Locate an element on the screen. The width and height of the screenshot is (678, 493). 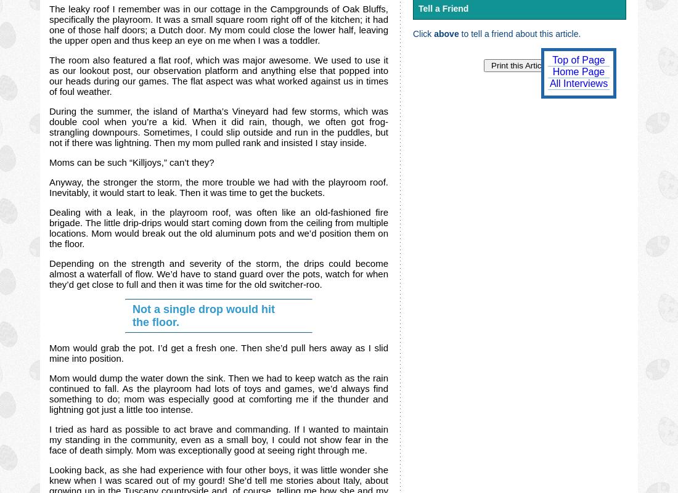
'Mom would dump the water down the sink. Then we had to keep watch as the rain continued to fall. As the playroom had lots of toys and games, we’d always find something to do; mom was especially good at comforting me if the thunder and lightning got just a little too intense.' is located at coordinates (218, 393).